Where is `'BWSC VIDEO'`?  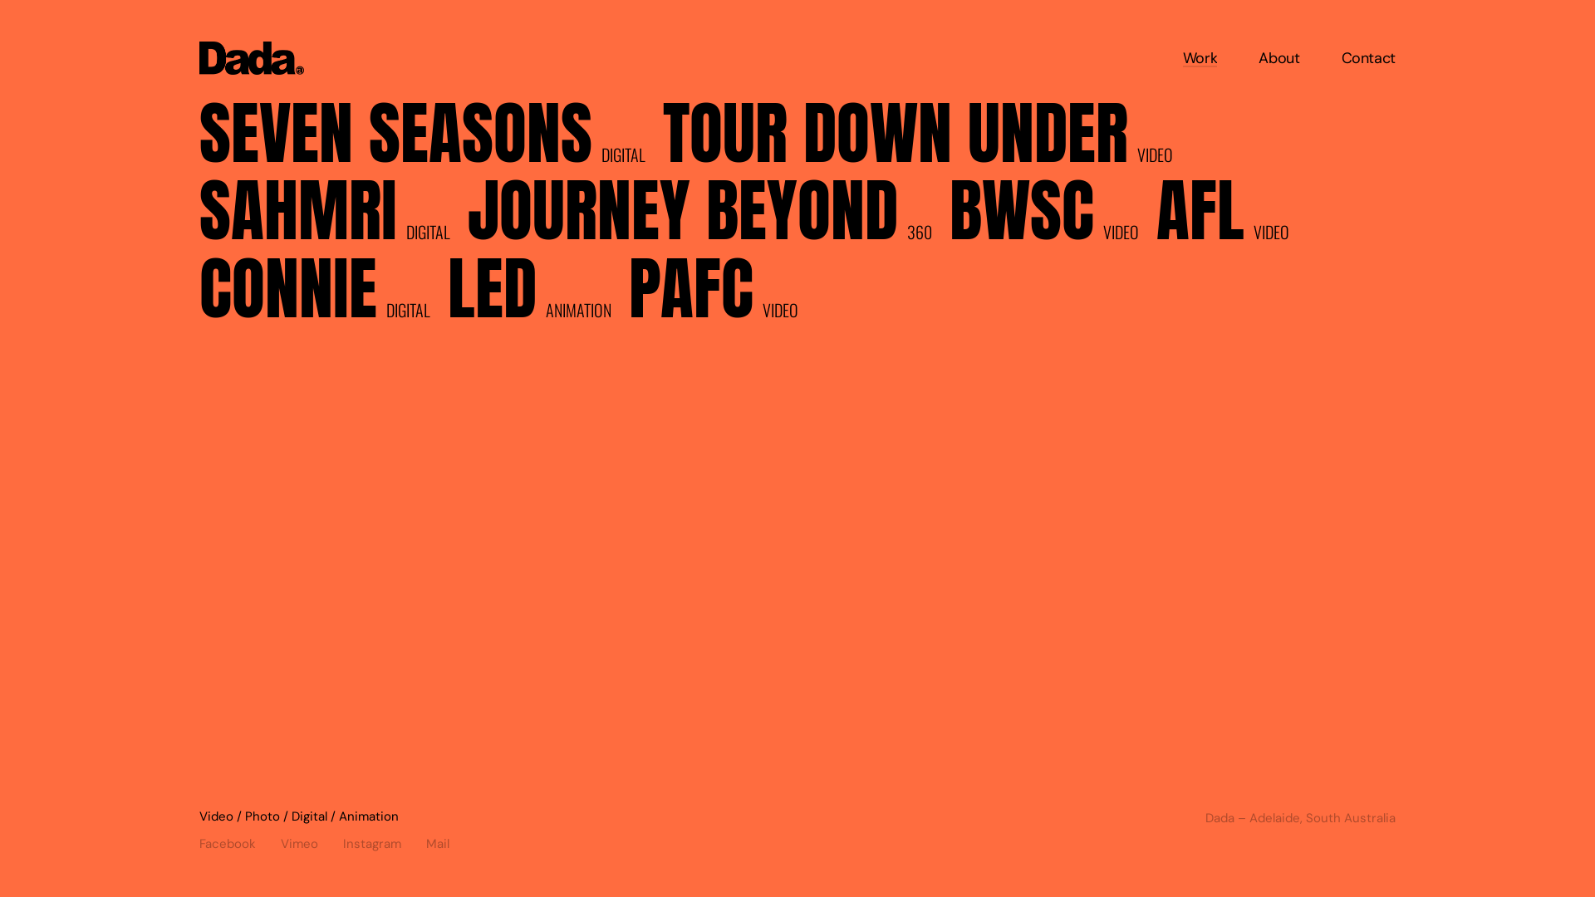
'BWSC VIDEO' is located at coordinates (1052, 216).